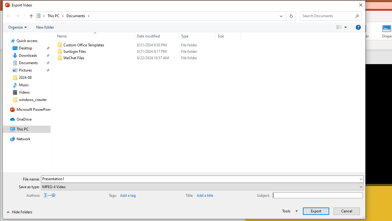 The height and width of the screenshot is (221, 392). Describe the element at coordinates (347, 211) in the screenshot. I see `'Cancel'` at that location.